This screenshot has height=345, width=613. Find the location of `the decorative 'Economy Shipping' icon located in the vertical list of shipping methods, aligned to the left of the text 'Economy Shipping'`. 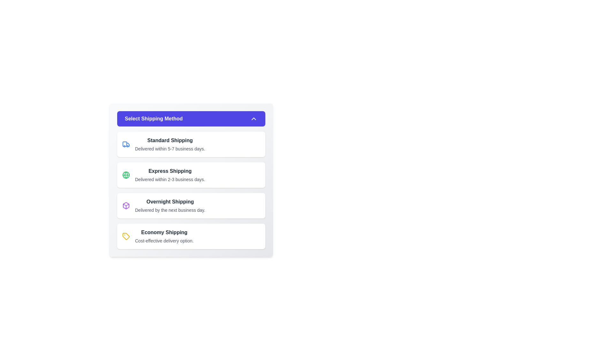

the decorative 'Economy Shipping' icon located in the vertical list of shipping methods, aligned to the left of the text 'Economy Shipping' is located at coordinates (126, 236).